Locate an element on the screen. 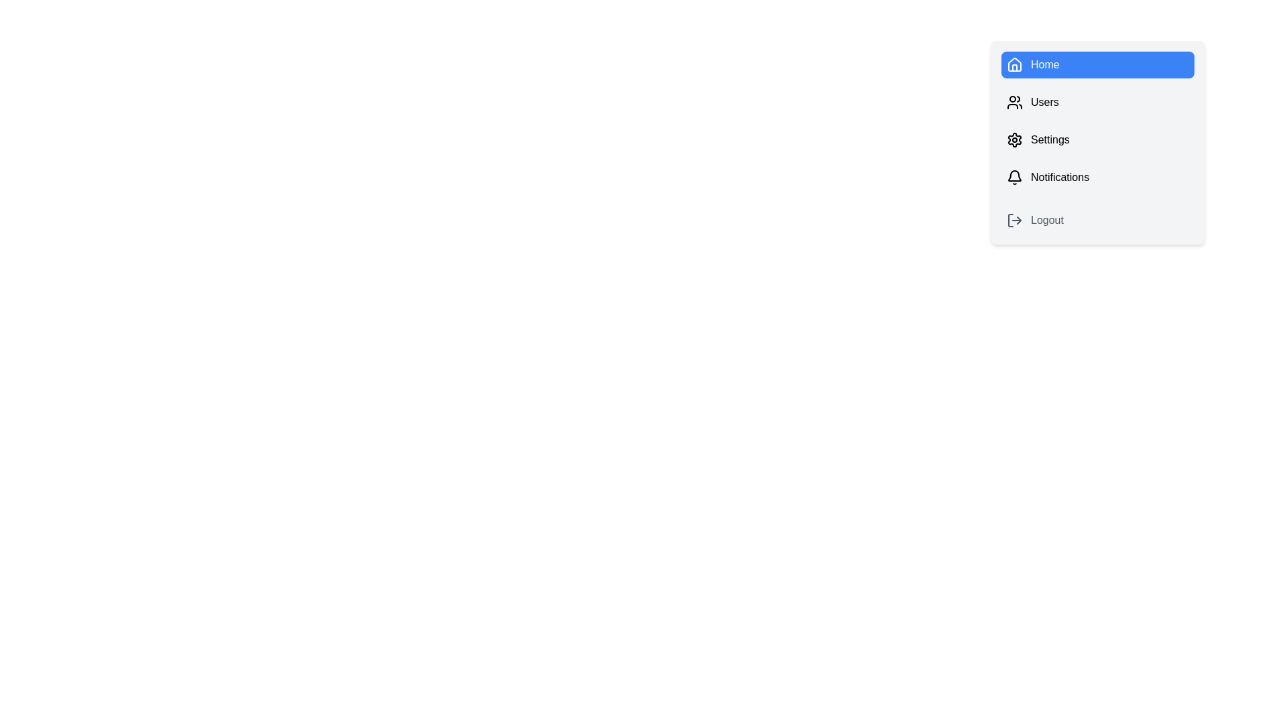 Image resolution: width=1287 pixels, height=724 pixels. the cogwheel gear icon in the vertical menu is located at coordinates (1014, 139).